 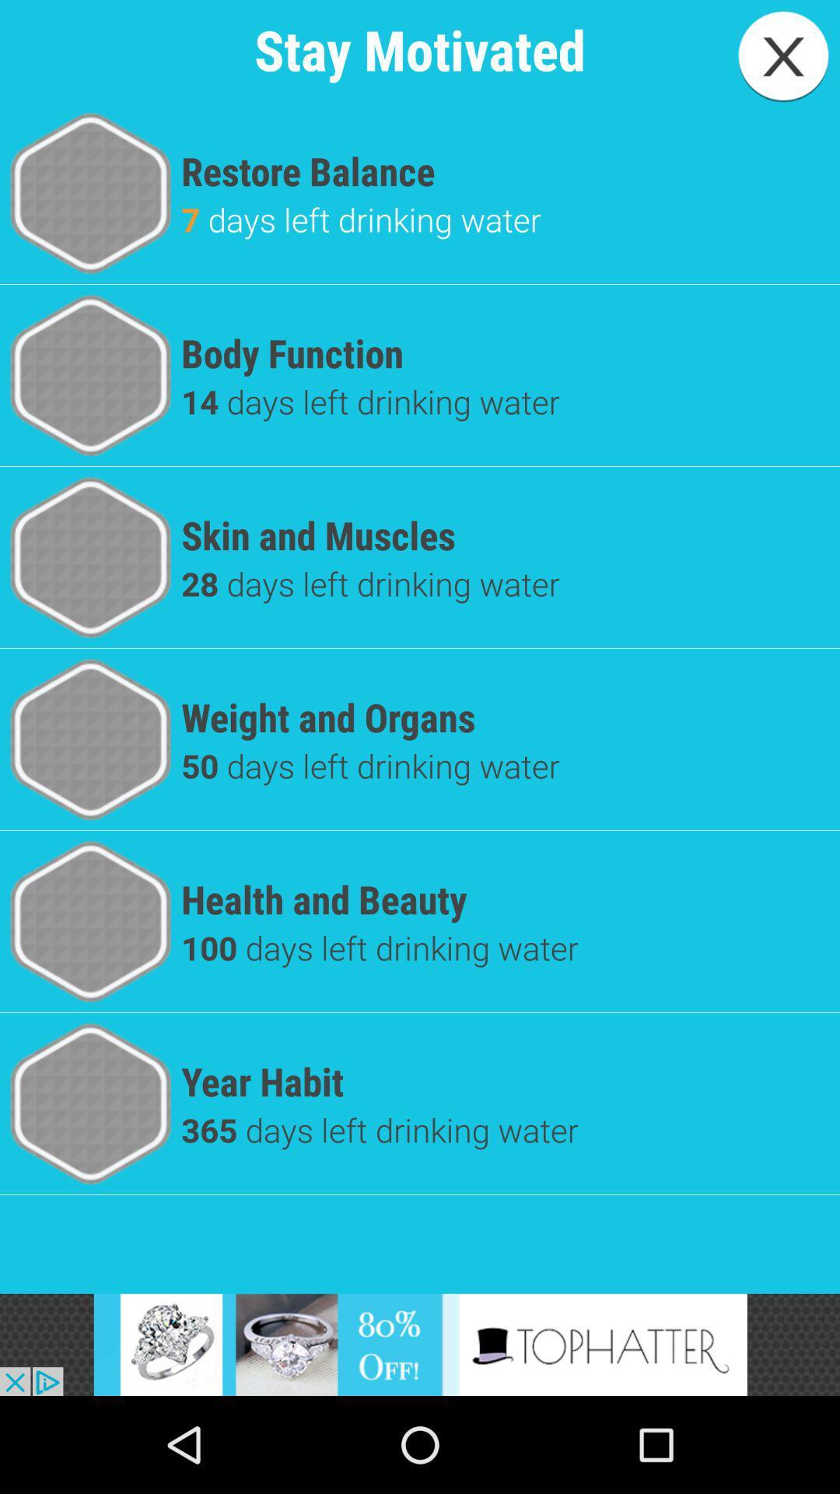 What do you see at coordinates (783, 56) in the screenshot?
I see `page` at bounding box center [783, 56].